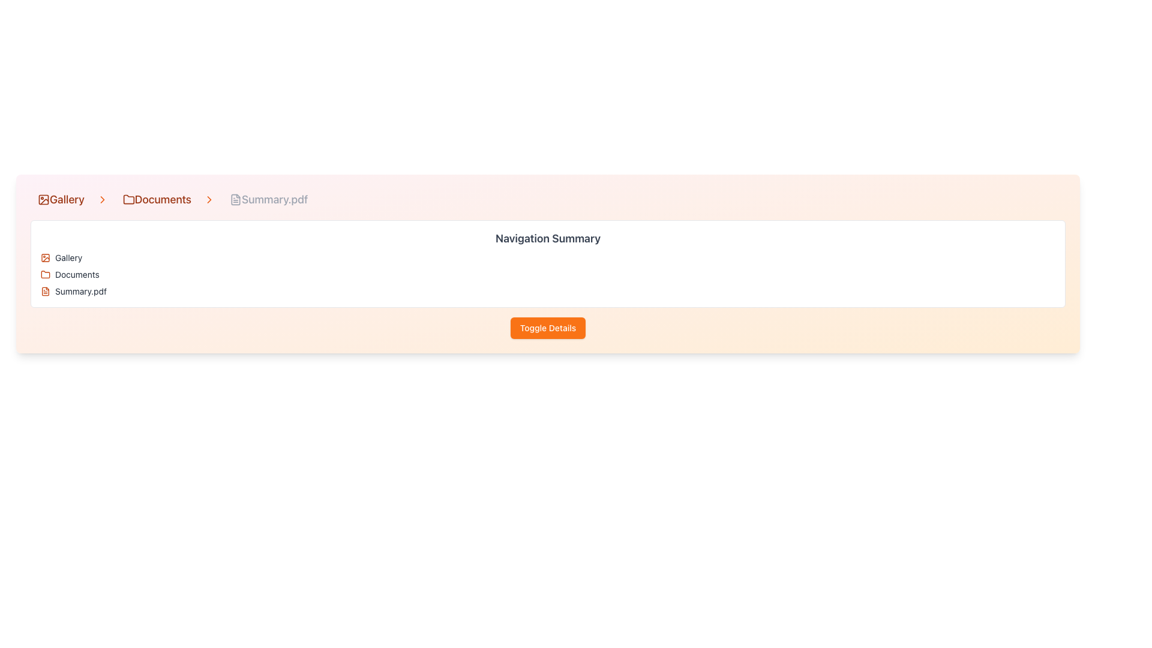 The image size is (1152, 648). Describe the element at coordinates (547, 238) in the screenshot. I see `the header text element labeled 'Navigation Summary' which serves as the title for the section` at that location.